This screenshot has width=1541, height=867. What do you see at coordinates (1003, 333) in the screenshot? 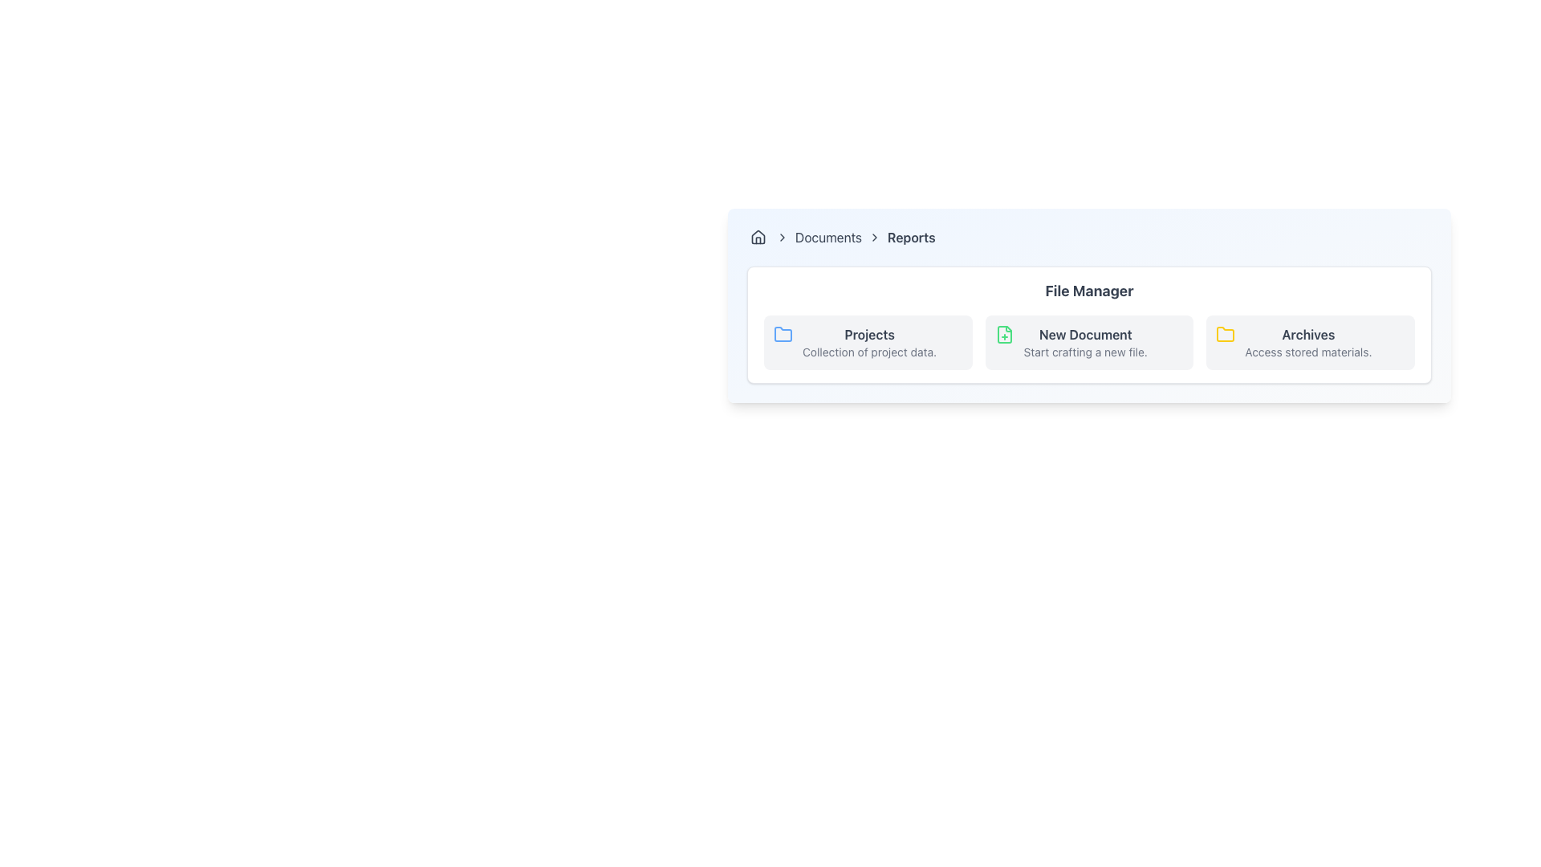
I see `the file creation icon with a green outline and a '+' sign, located on the 'New Document' card in the File Manager interface` at bounding box center [1003, 333].